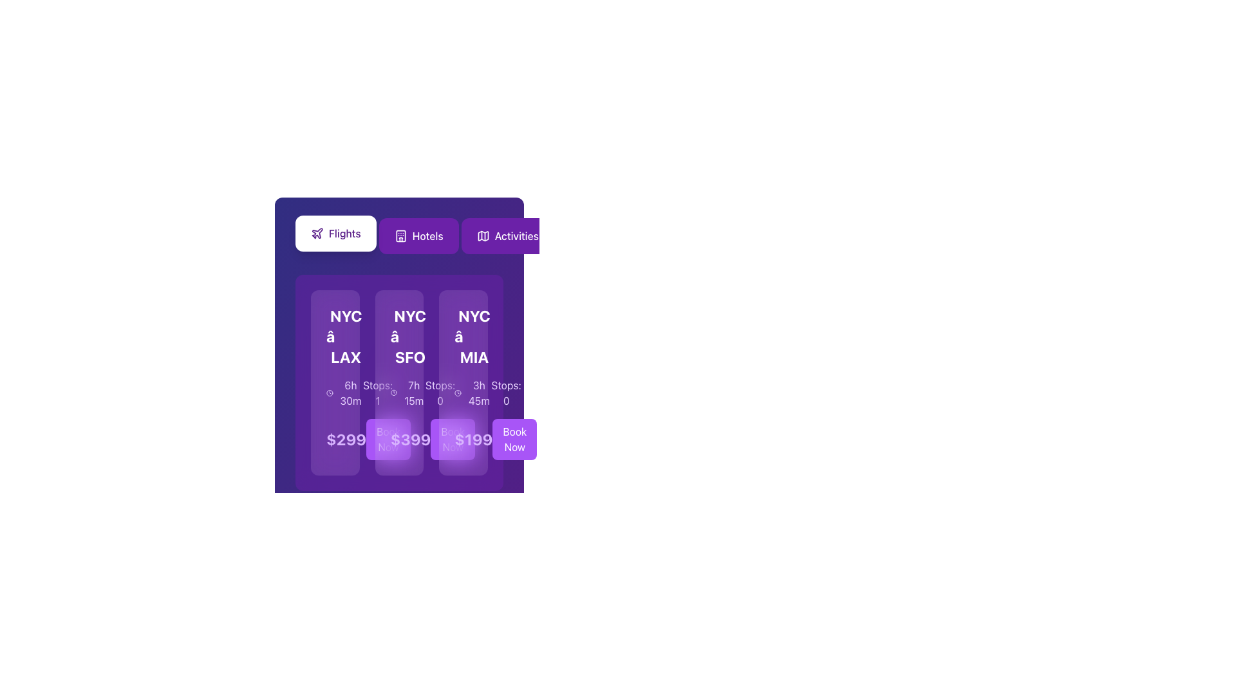 The height and width of the screenshot is (695, 1236). I want to click on the Text Label that provides information about the number of stops for a specific flight, located in the bottom section of the flight details card, so click(505, 392).